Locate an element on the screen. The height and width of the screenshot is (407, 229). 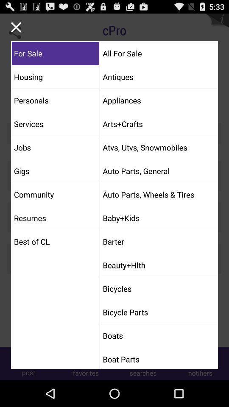
the item below beauty+hlth icon is located at coordinates (159, 289).